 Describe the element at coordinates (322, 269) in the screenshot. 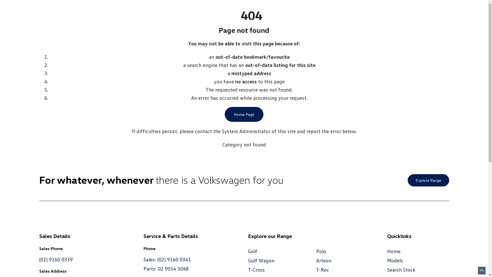

I see `'T-Roc'` at that location.